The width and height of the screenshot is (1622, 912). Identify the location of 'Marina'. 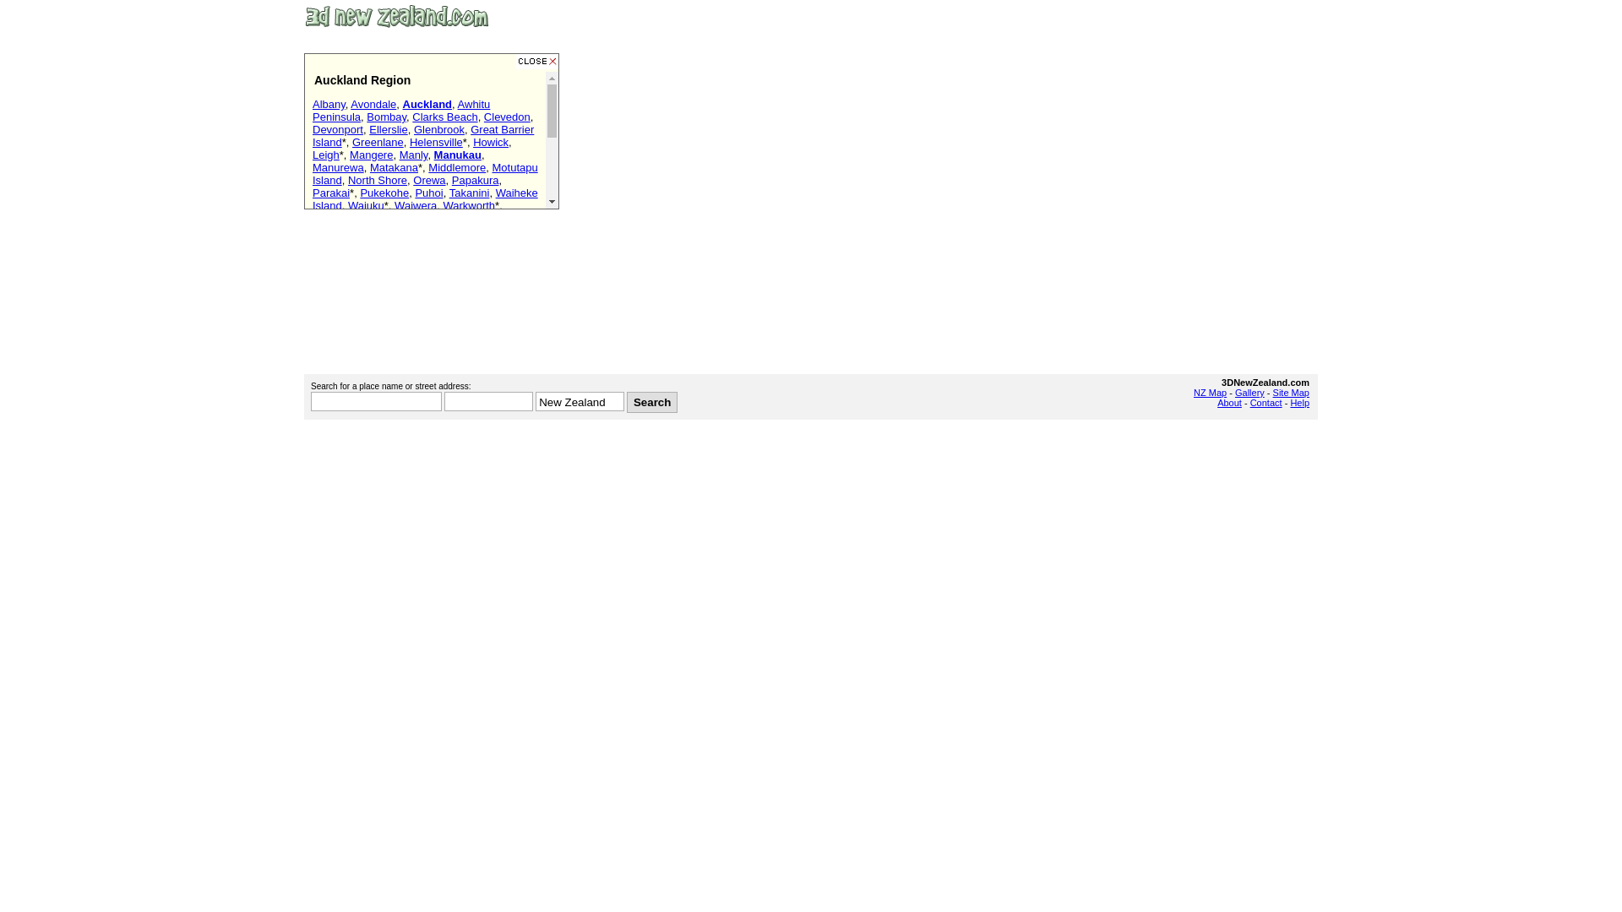
(329, 280).